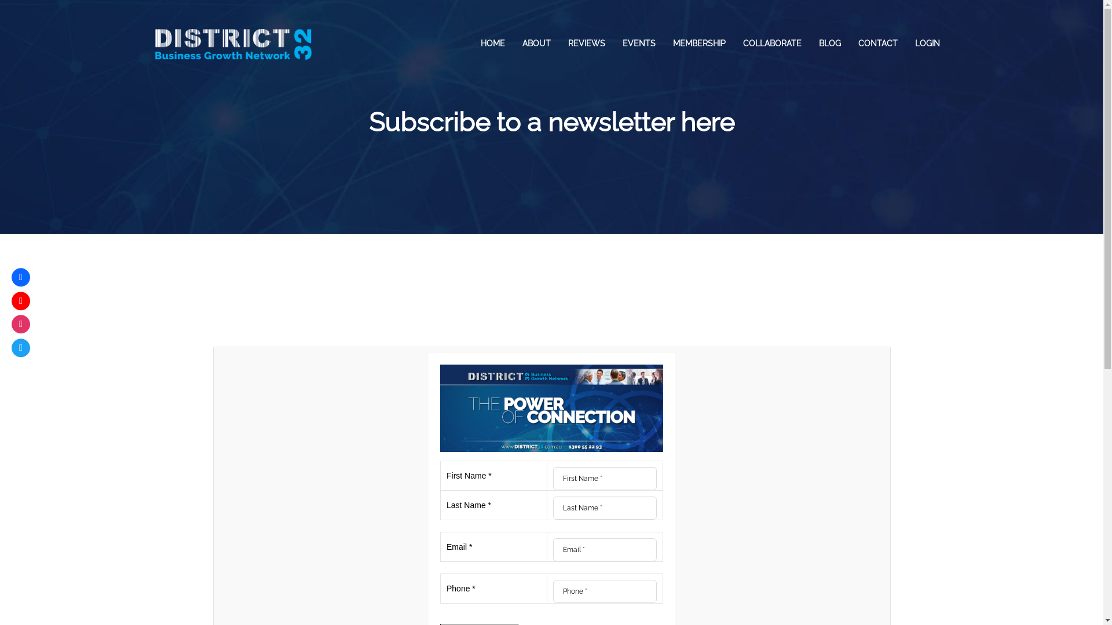 The height and width of the screenshot is (625, 1112). I want to click on 'EVENTS', so click(638, 42).